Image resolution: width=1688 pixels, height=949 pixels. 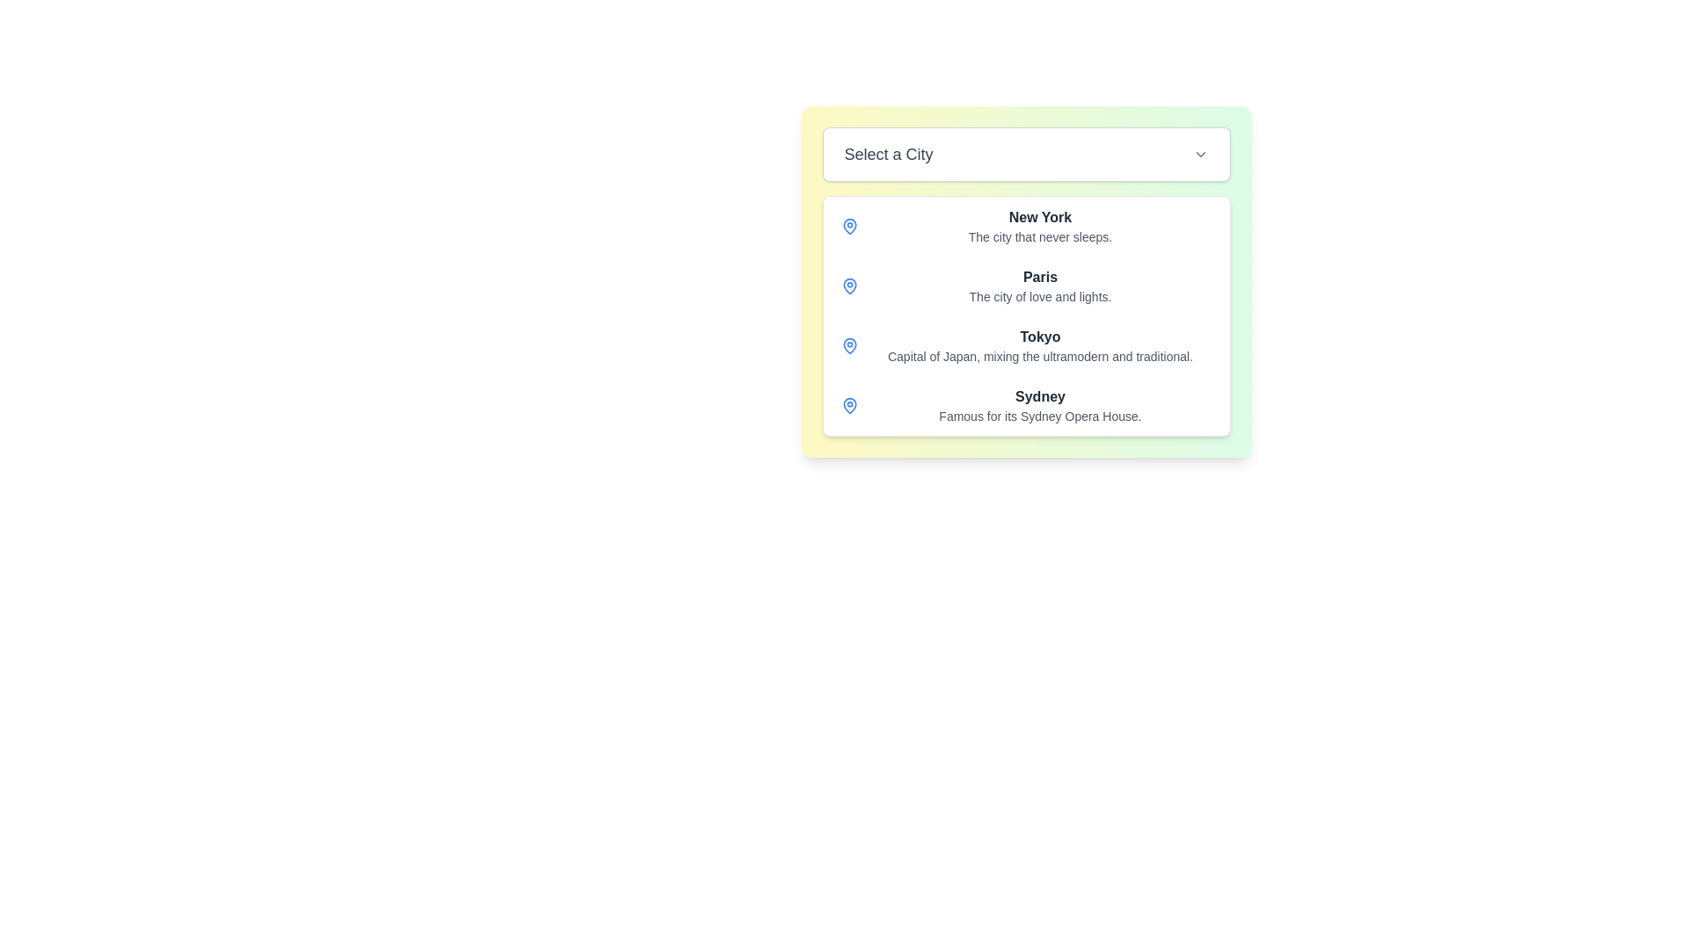 I want to click on the text label displaying 'The city that never sleeps.' which is styled with a small gray font and positioned below the 'New York' text in the 'Select a City' dropdown, so click(x=1040, y=237).